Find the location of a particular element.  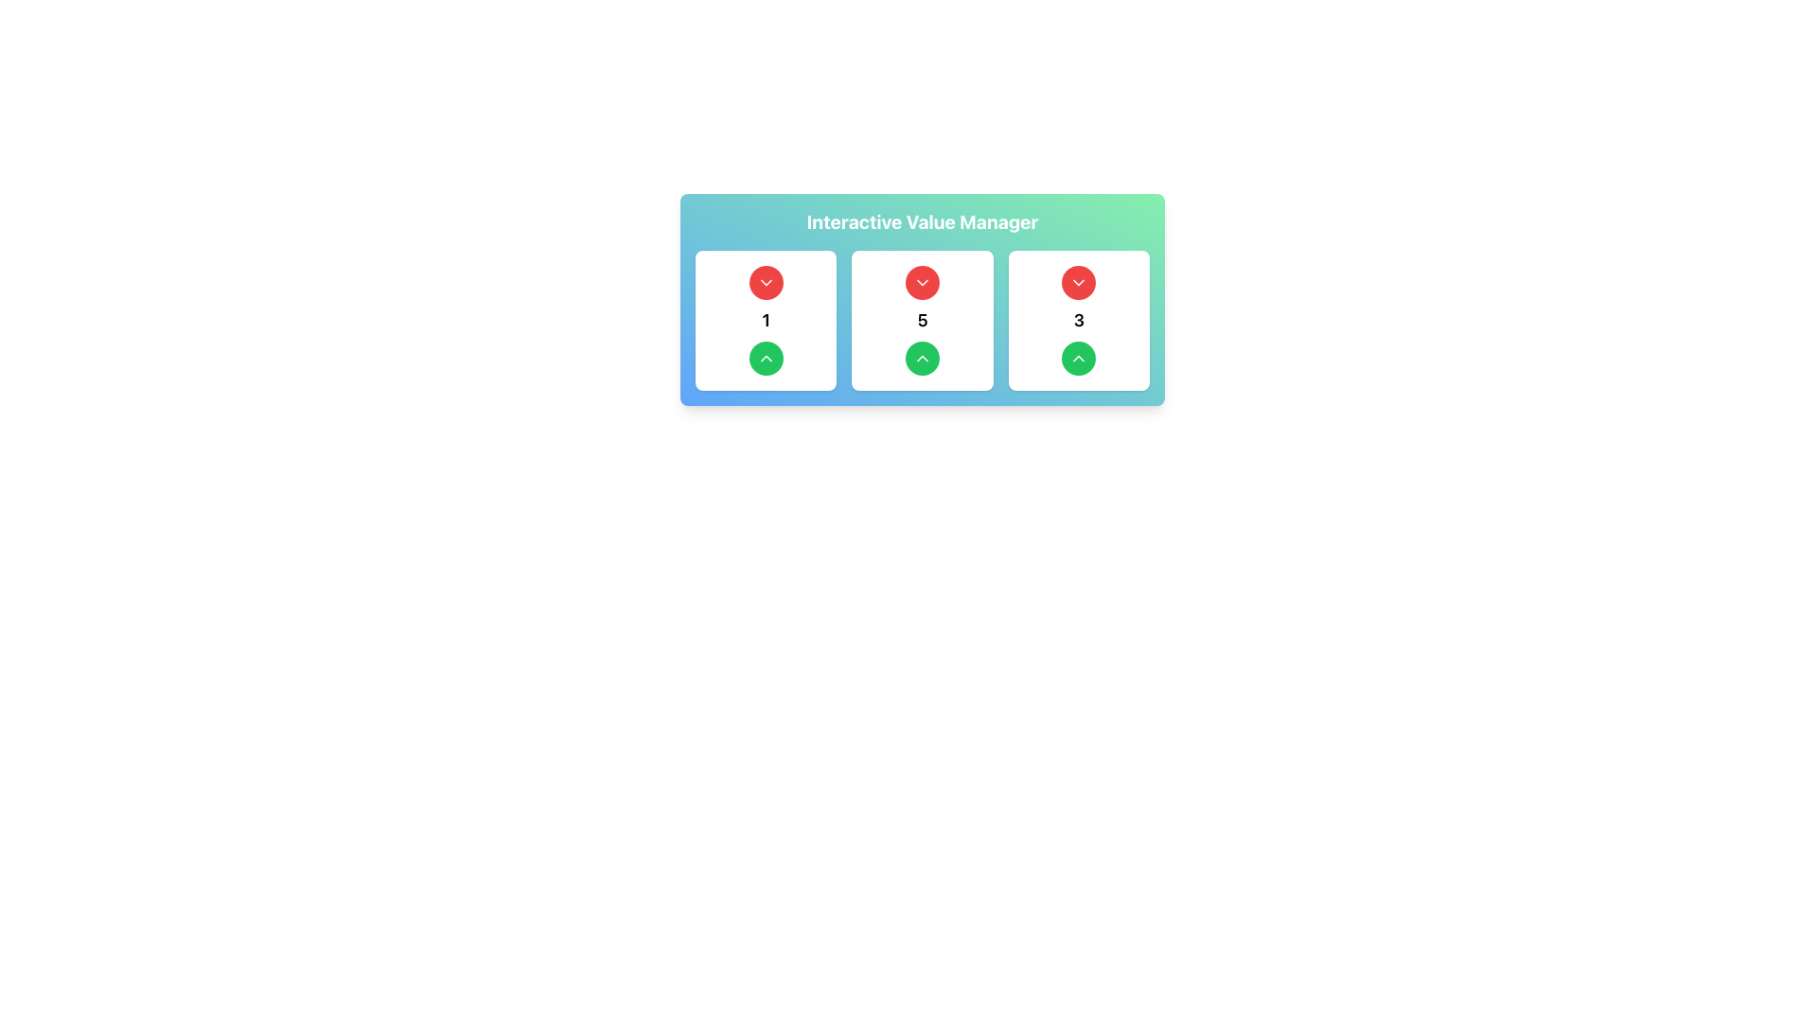

the circular green button with a white upwards-pointing chevron arrow is located at coordinates (922, 358).